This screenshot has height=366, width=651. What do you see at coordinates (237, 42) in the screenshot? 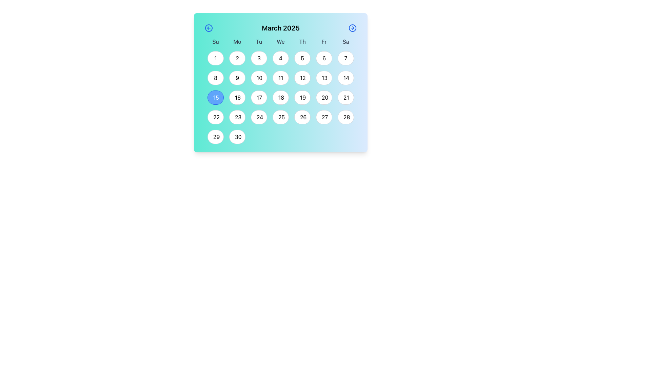
I see `the 'Mo' text label, which is styled with a medium font weight and gray color, located in the header row of the weekly calendar layout` at bounding box center [237, 42].